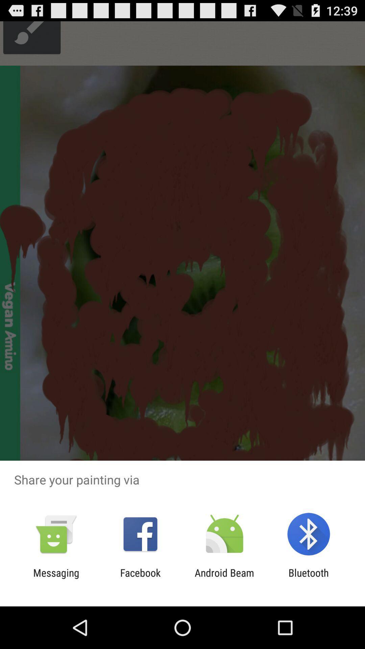 This screenshot has height=649, width=365. What do you see at coordinates (56, 578) in the screenshot?
I see `app next to facebook icon` at bounding box center [56, 578].